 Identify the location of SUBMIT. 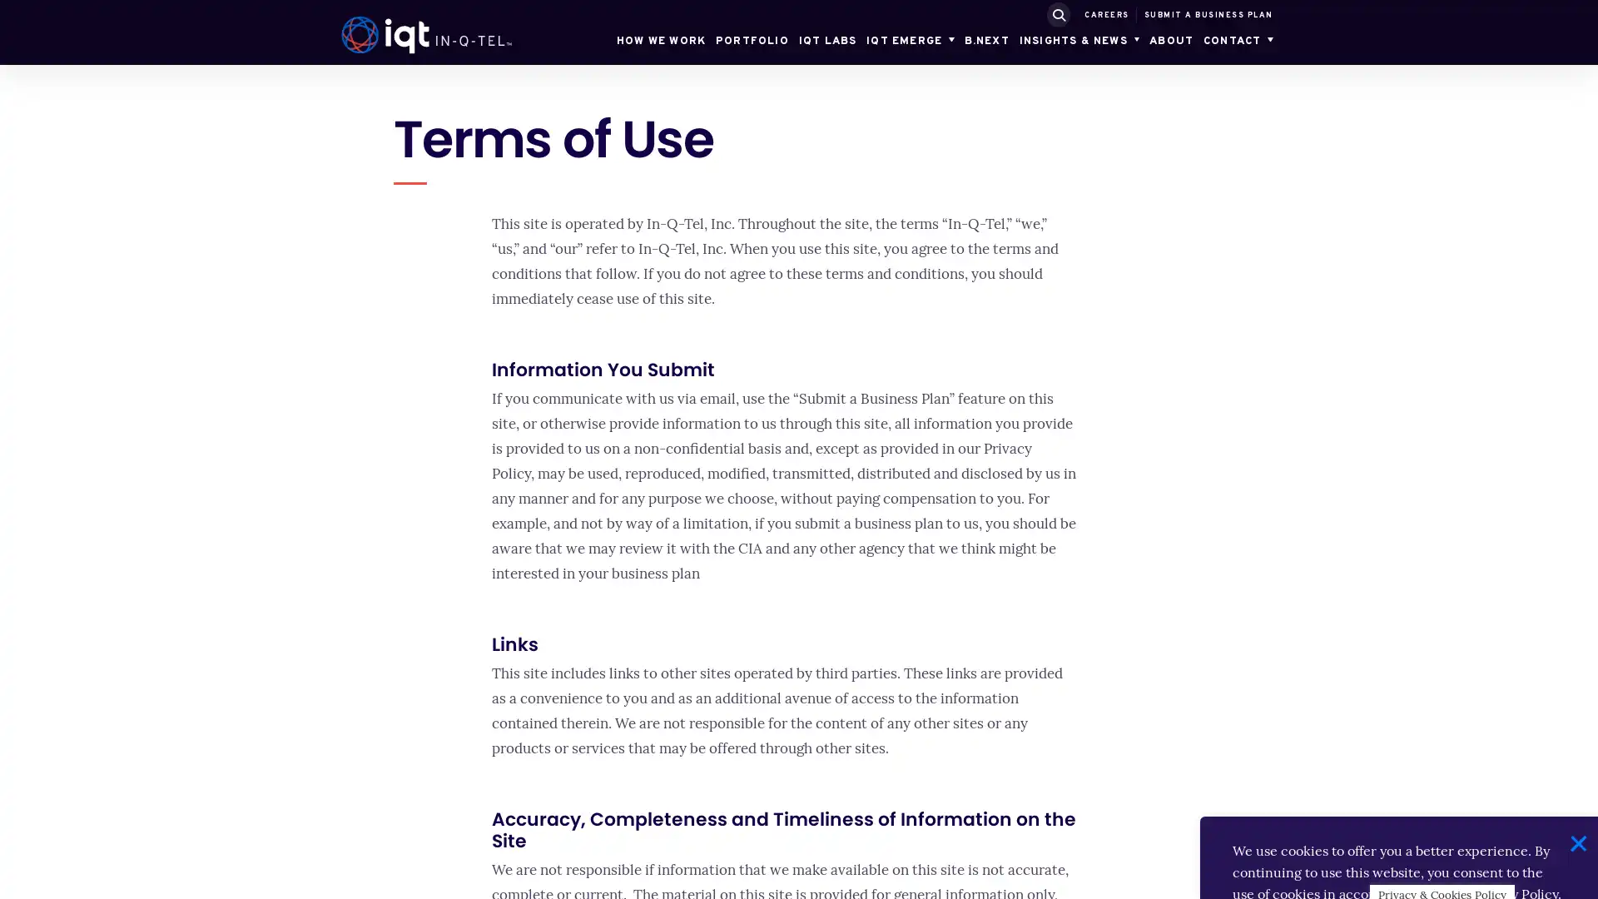
(1057, 14).